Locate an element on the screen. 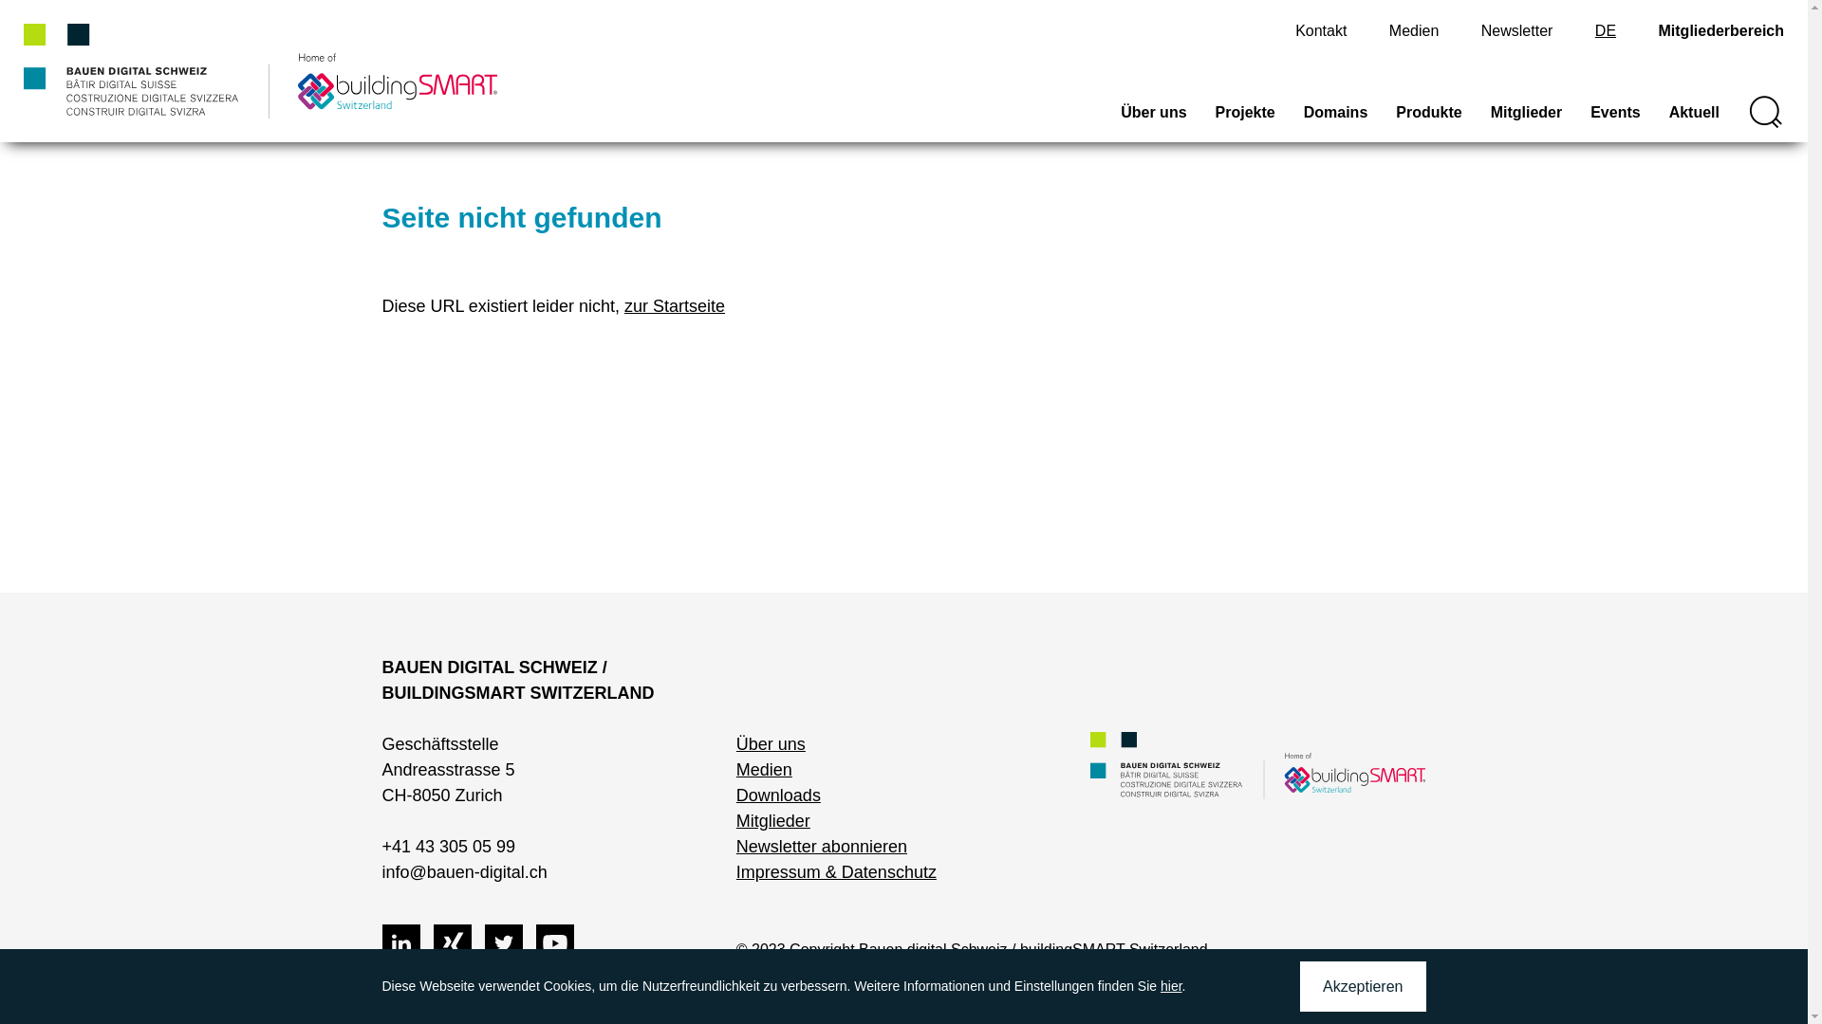 The width and height of the screenshot is (1822, 1024). 'Projekte' is located at coordinates (1245, 120).